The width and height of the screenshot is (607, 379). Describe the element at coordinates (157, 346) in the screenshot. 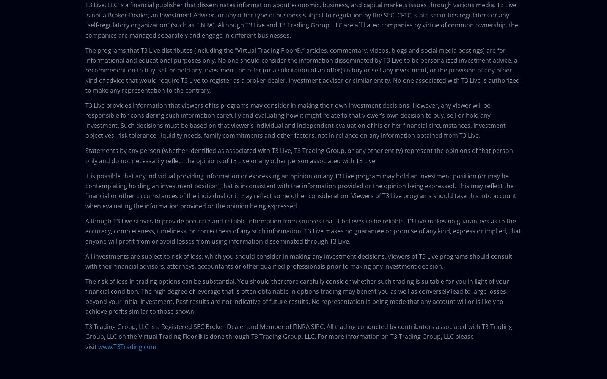

I see `'.'` at that location.